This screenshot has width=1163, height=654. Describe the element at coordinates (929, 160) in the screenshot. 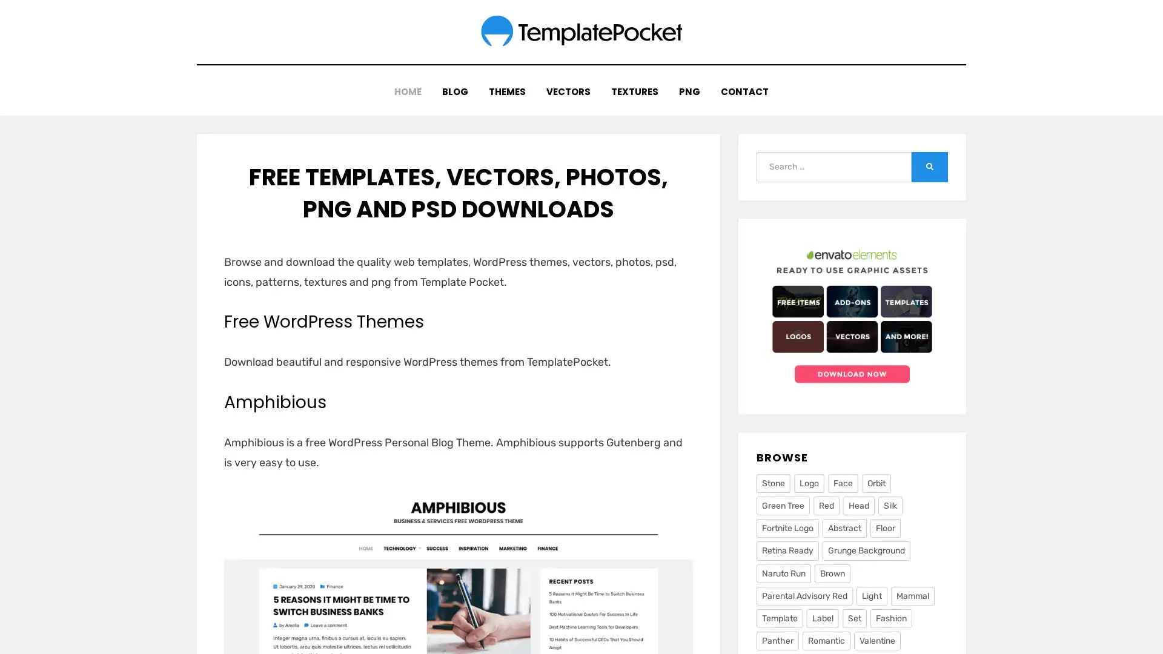

I see `SEARCH` at that location.